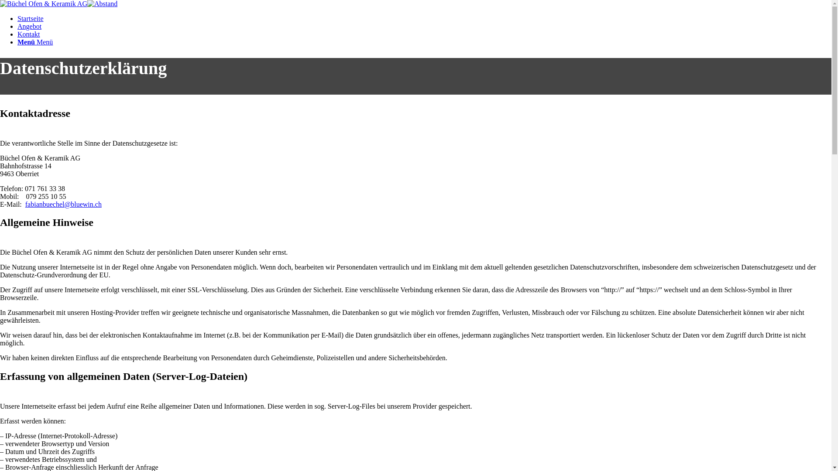 Image resolution: width=838 pixels, height=471 pixels. I want to click on 'Startseite', so click(31, 18).